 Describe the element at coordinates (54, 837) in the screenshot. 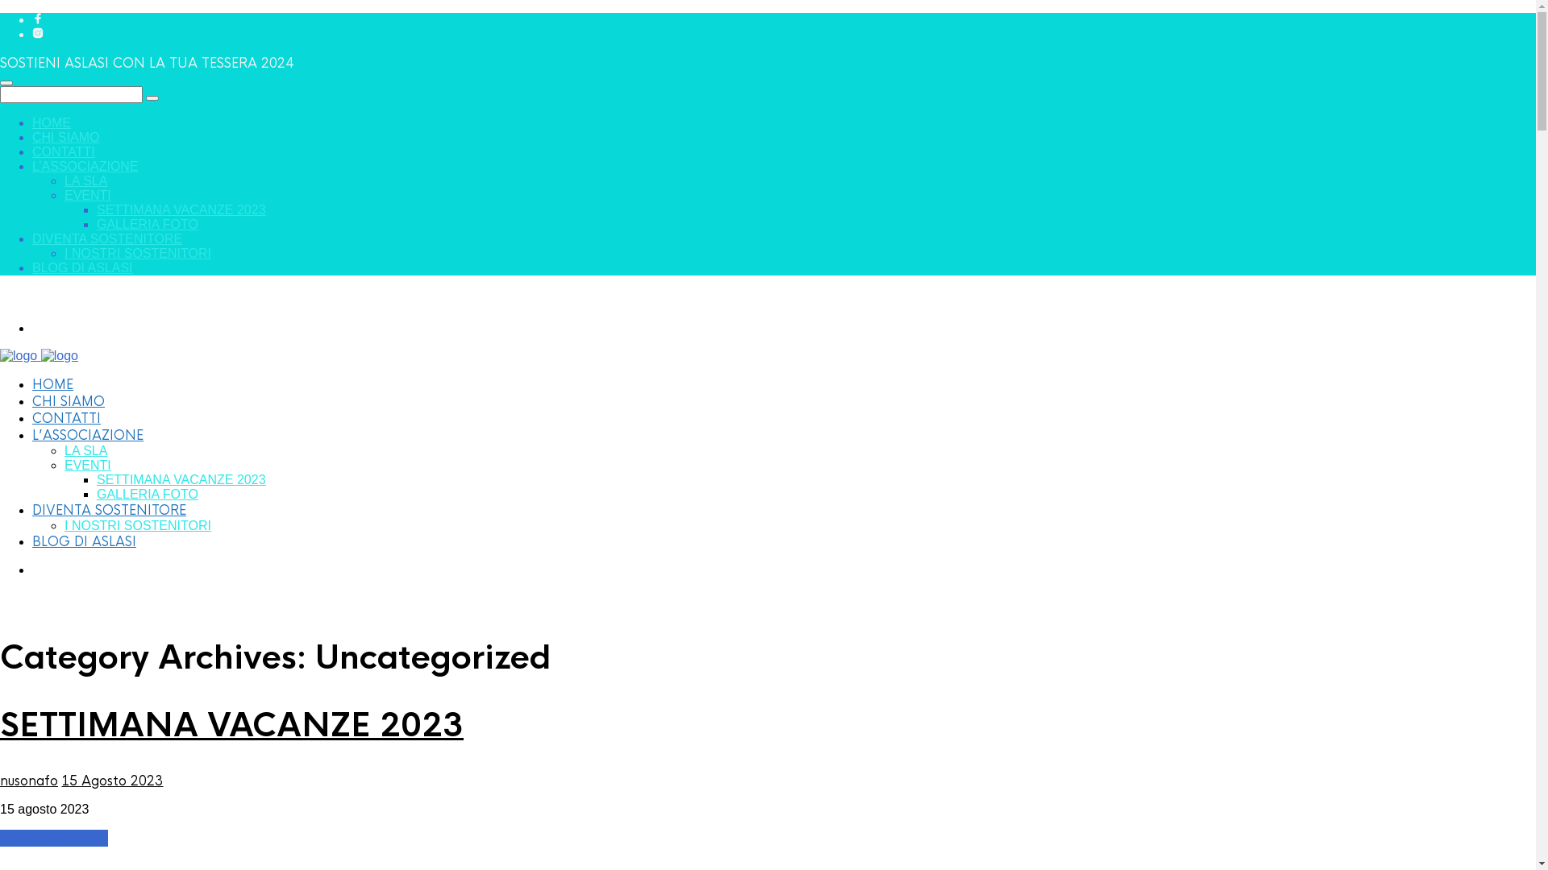

I see `'Continue reading'` at that location.